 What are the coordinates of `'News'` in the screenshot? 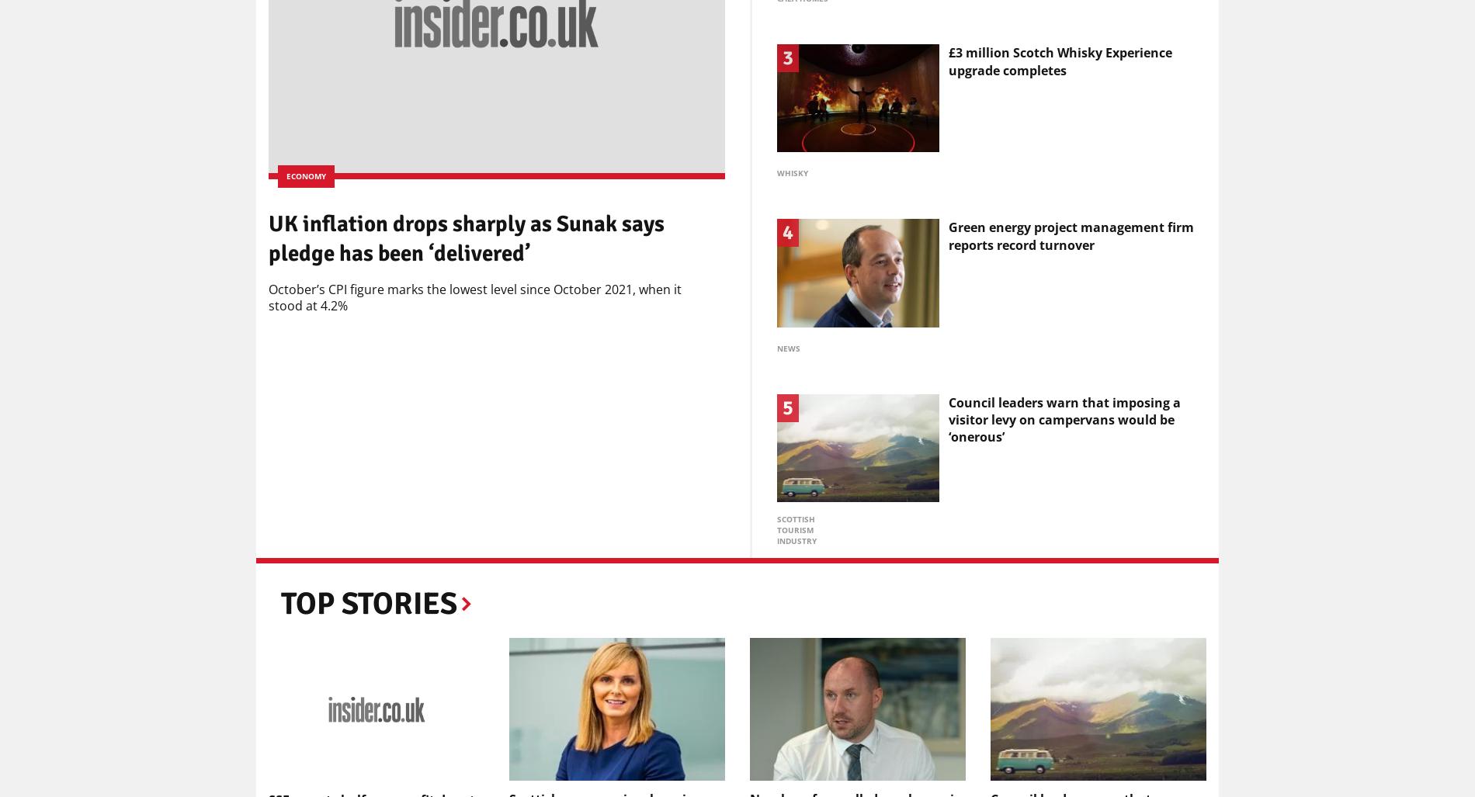 It's located at (788, 346).